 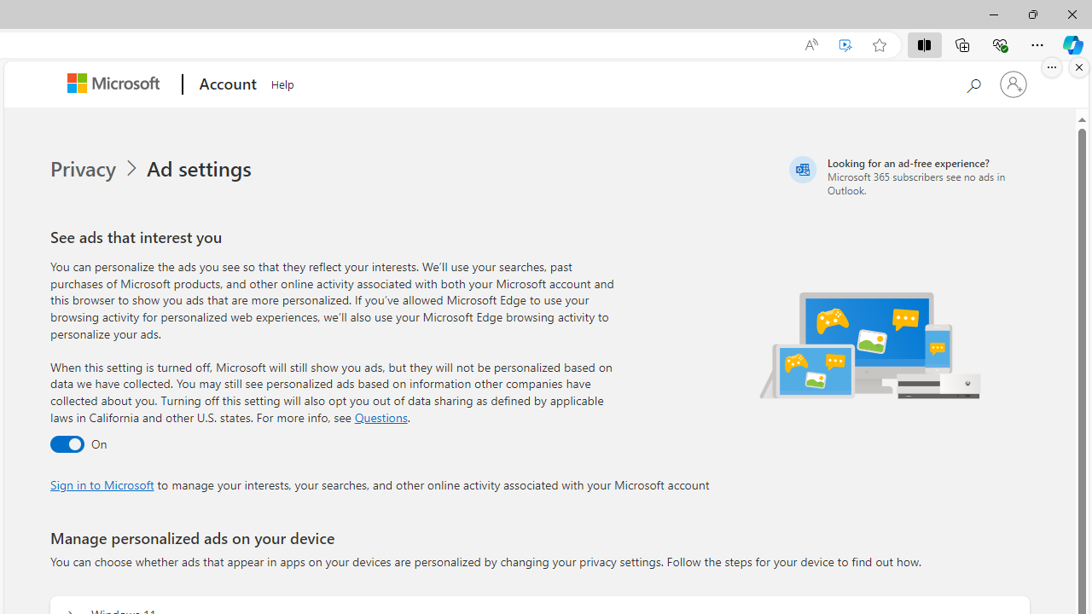 I want to click on 'Search Microsoft.com', so click(x=973, y=83).